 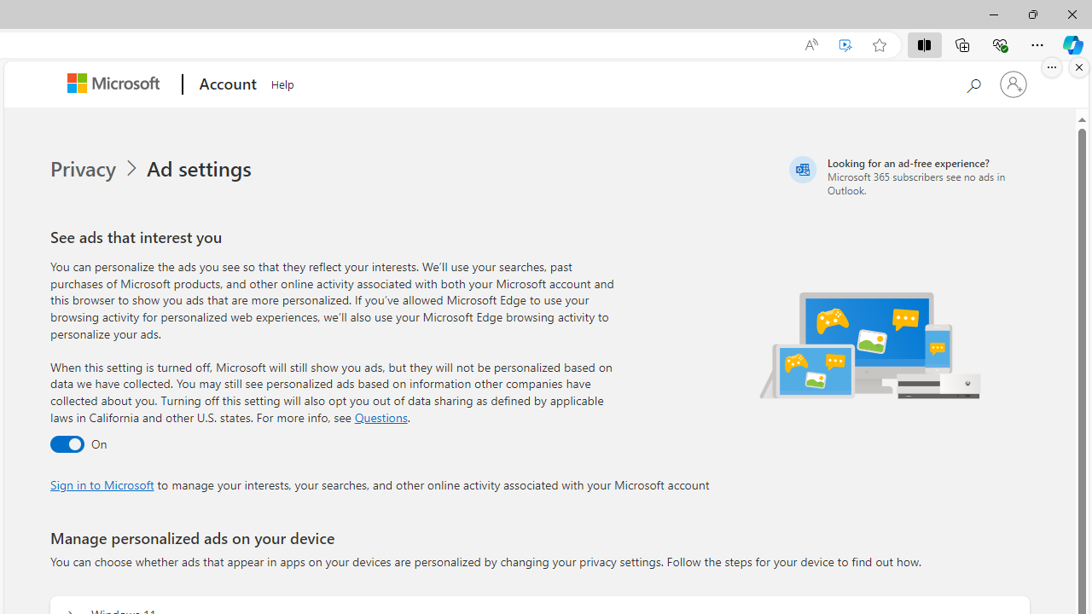 I want to click on 'Search Microsoft.com', so click(x=973, y=83).